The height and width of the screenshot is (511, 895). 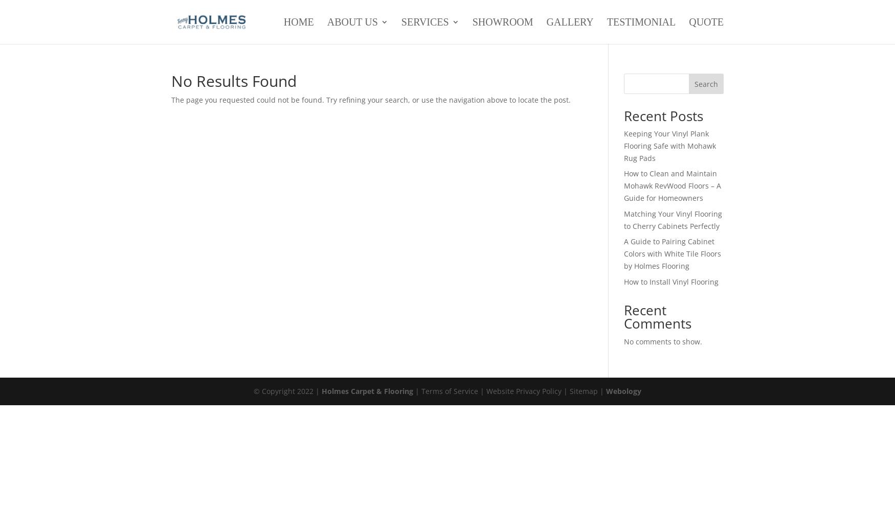 What do you see at coordinates (662, 115) in the screenshot?
I see `'Recent Posts'` at bounding box center [662, 115].